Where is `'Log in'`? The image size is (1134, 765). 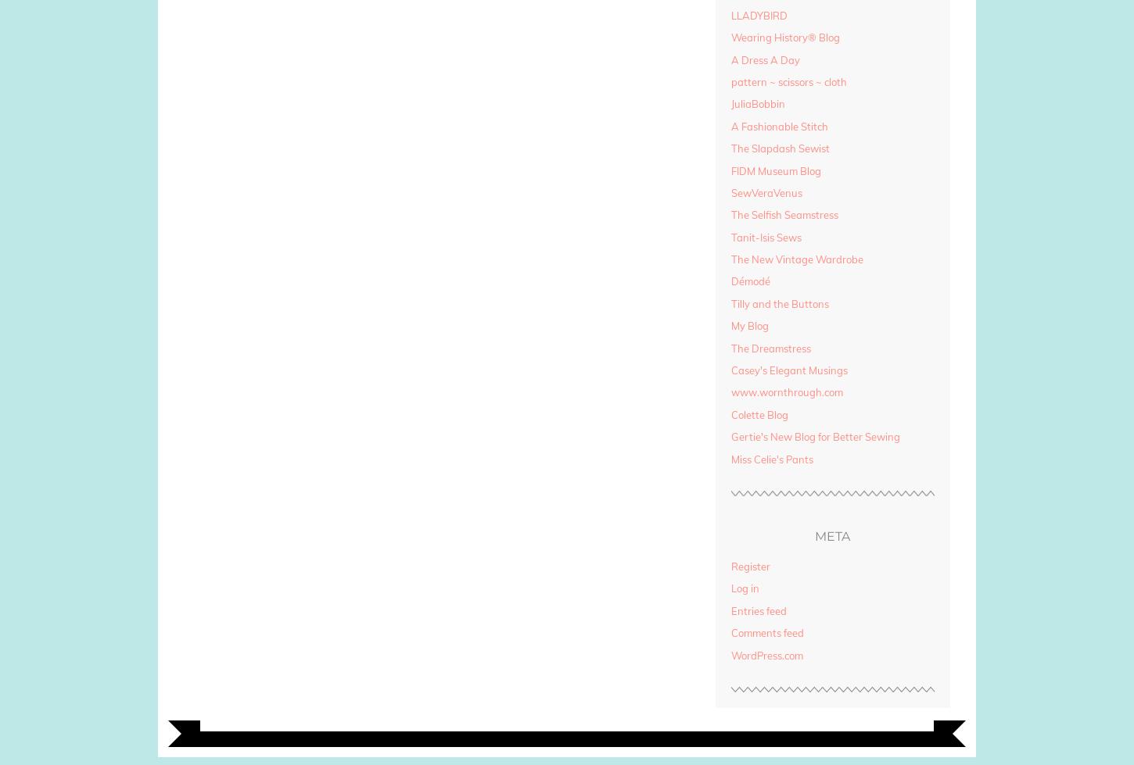
'Log in' is located at coordinates (744, 588).